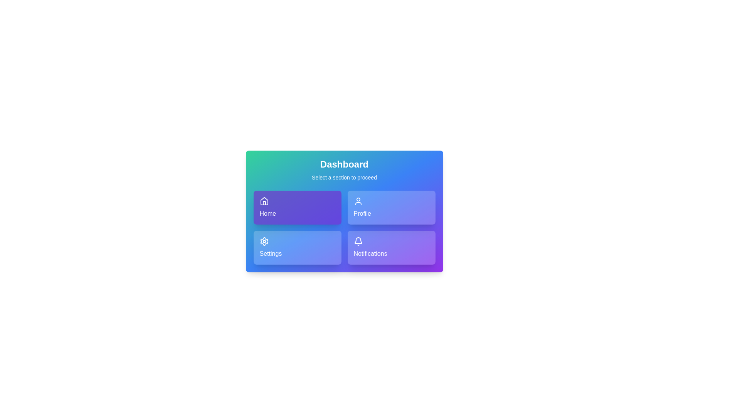 The width and height of the screenshot is (740, 416). What do you see at coordinates (297, 248) in the screenshot?
I see `the Settings button to observe its visual effect` at bounding box center [297, 248].